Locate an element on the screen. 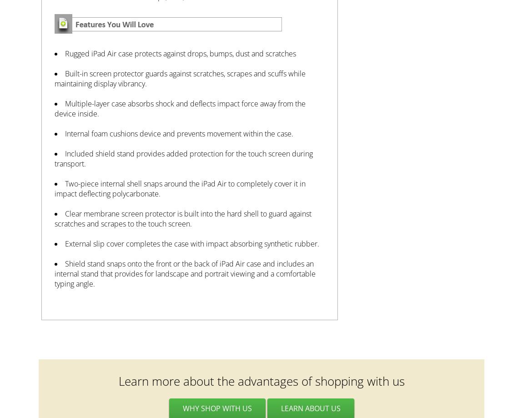 The image size is (523, 418). 'Built-in screen protector guards against scratches, scrapes and scuffs while maintaining display vibrancy.' is located at coordinates (180, 78).